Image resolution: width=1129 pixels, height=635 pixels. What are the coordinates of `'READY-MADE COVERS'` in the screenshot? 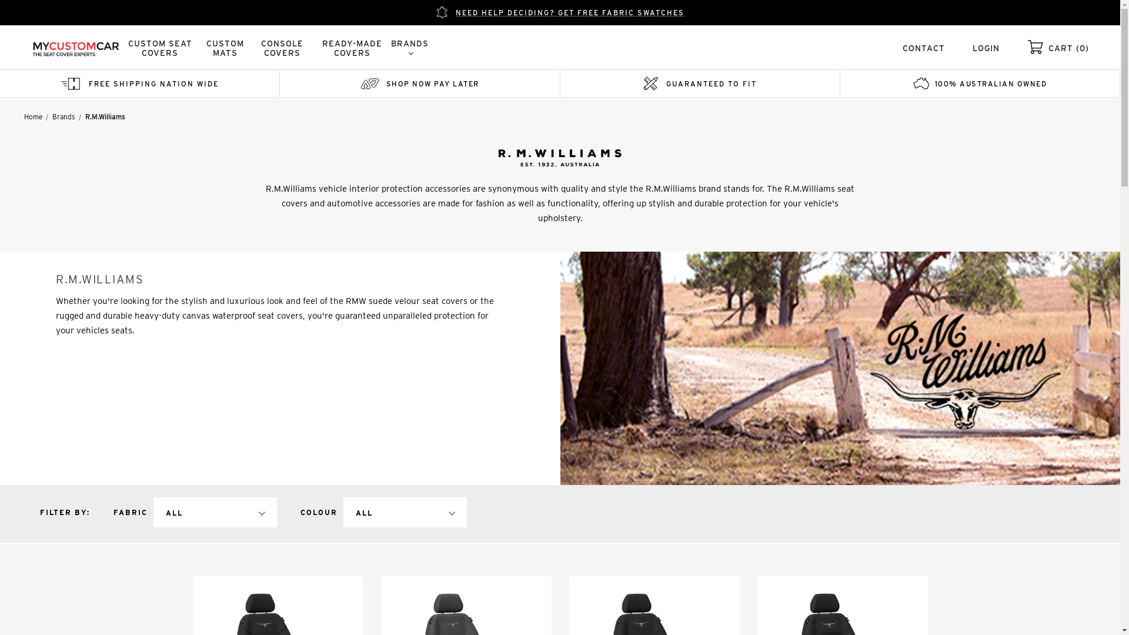 It's located at (352, 47).